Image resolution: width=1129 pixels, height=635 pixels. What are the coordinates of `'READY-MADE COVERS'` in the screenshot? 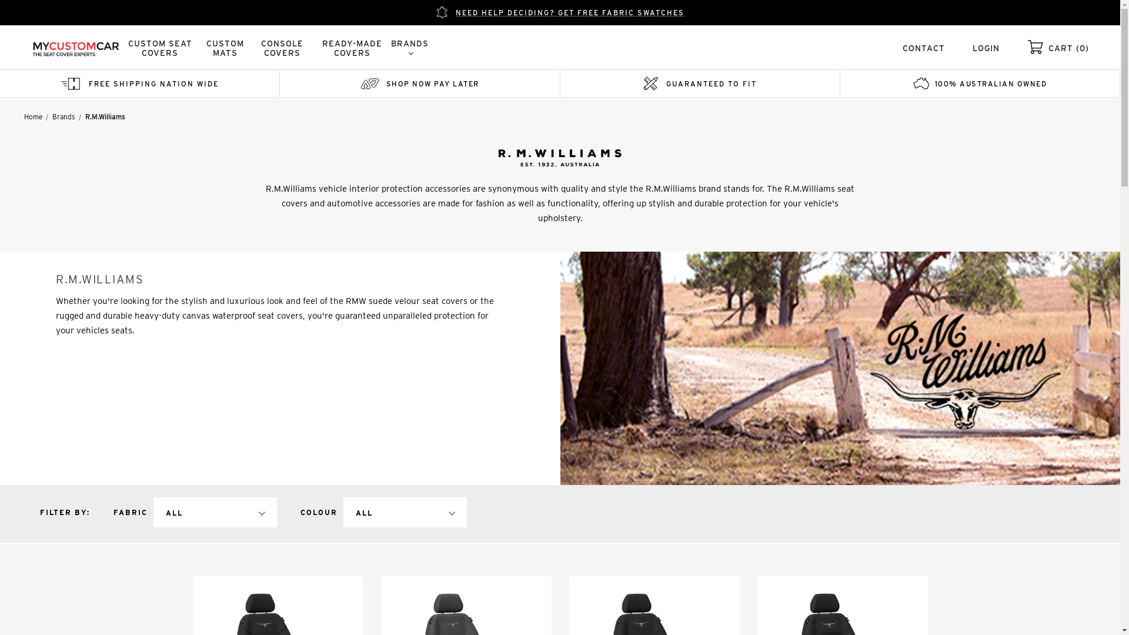 It's located at (352, 47).